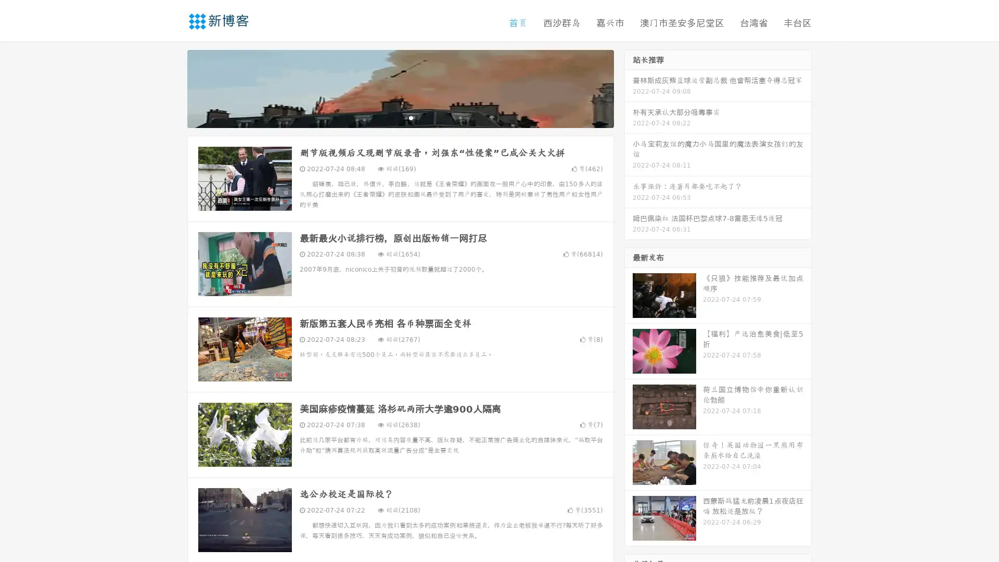 Image resolution: width=999 pixels, height=562 pixels. Describe the element at coordinates (389, 117) in the screenshot. I see `Go to slide 1` at that location.